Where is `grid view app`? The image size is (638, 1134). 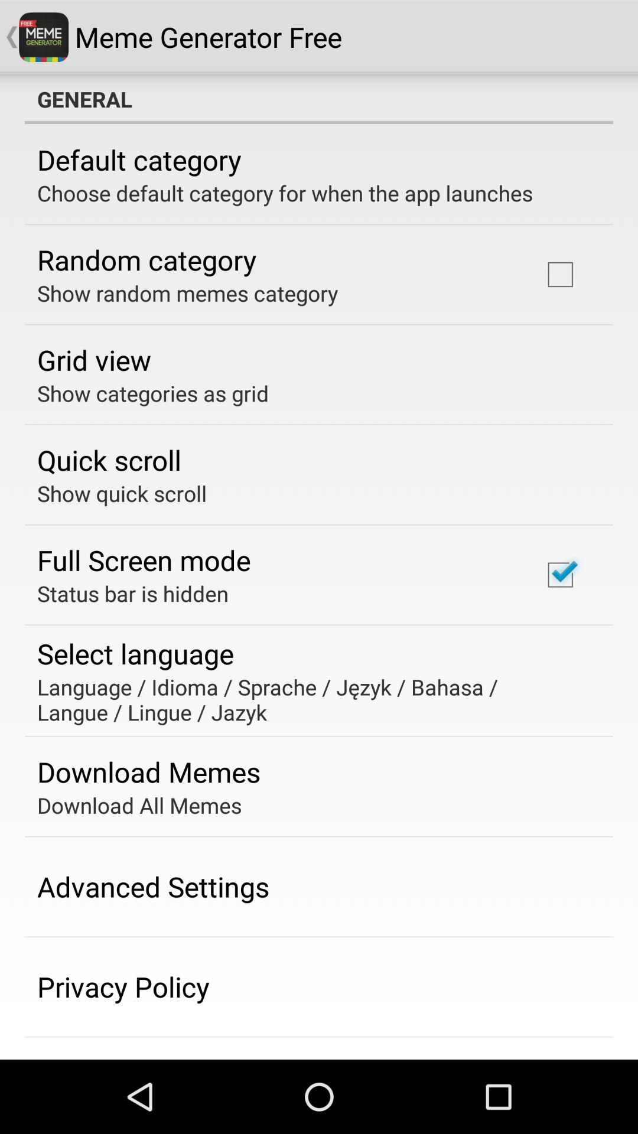
grid view app is located at coordinates (93, 359).